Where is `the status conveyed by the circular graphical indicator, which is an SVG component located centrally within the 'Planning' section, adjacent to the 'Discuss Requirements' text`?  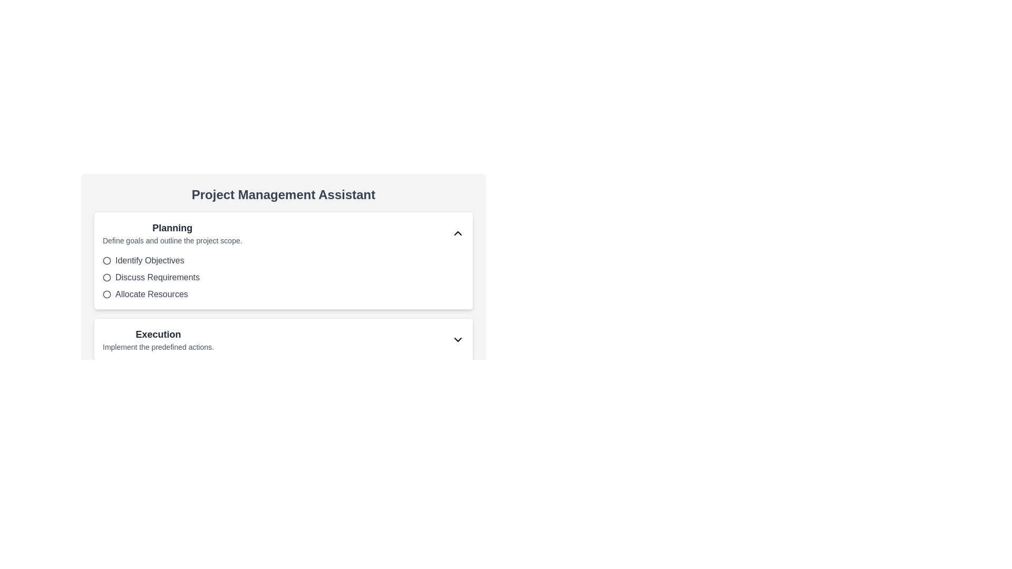 the status conveyed by the circular graphical indicator, which is an SVG component located centrally within the 'Planning' section, adjacent to the 'Discuss Requirements' text is located at coordinates (106, 277).